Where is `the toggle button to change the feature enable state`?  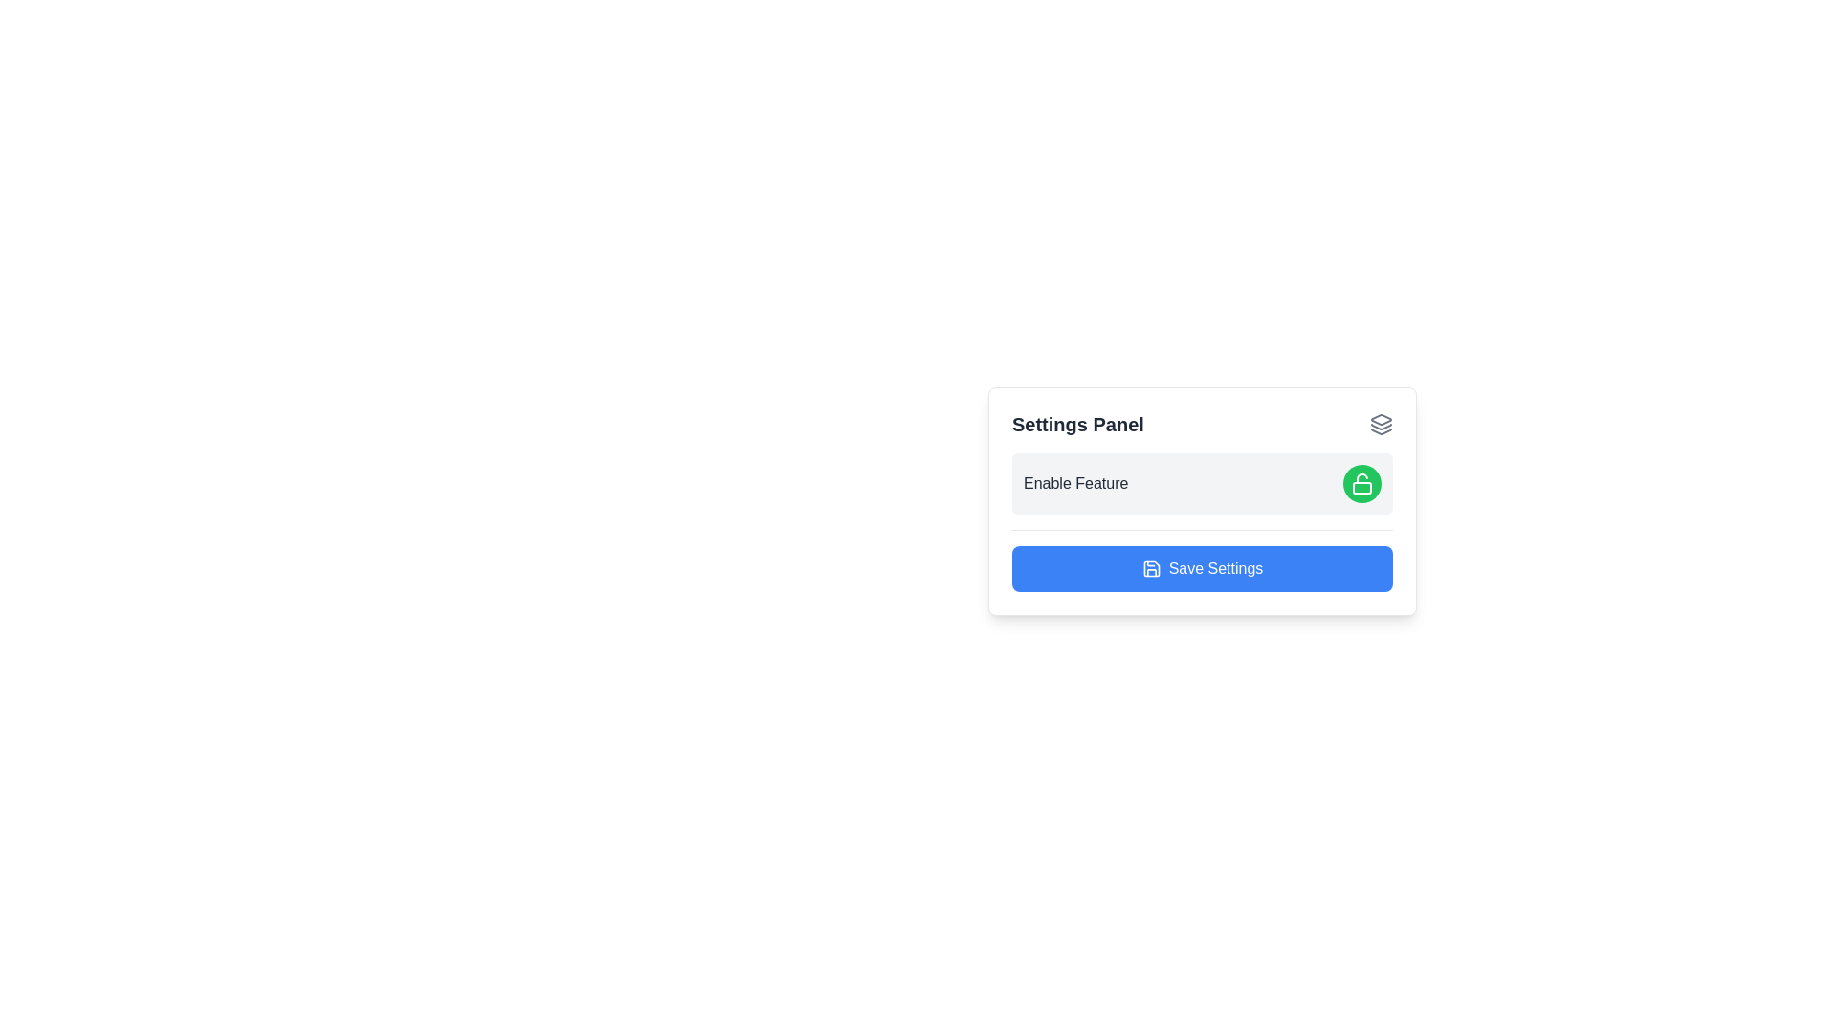 the toggle button to change the feature enable state is located at coordinates (1361, 482).